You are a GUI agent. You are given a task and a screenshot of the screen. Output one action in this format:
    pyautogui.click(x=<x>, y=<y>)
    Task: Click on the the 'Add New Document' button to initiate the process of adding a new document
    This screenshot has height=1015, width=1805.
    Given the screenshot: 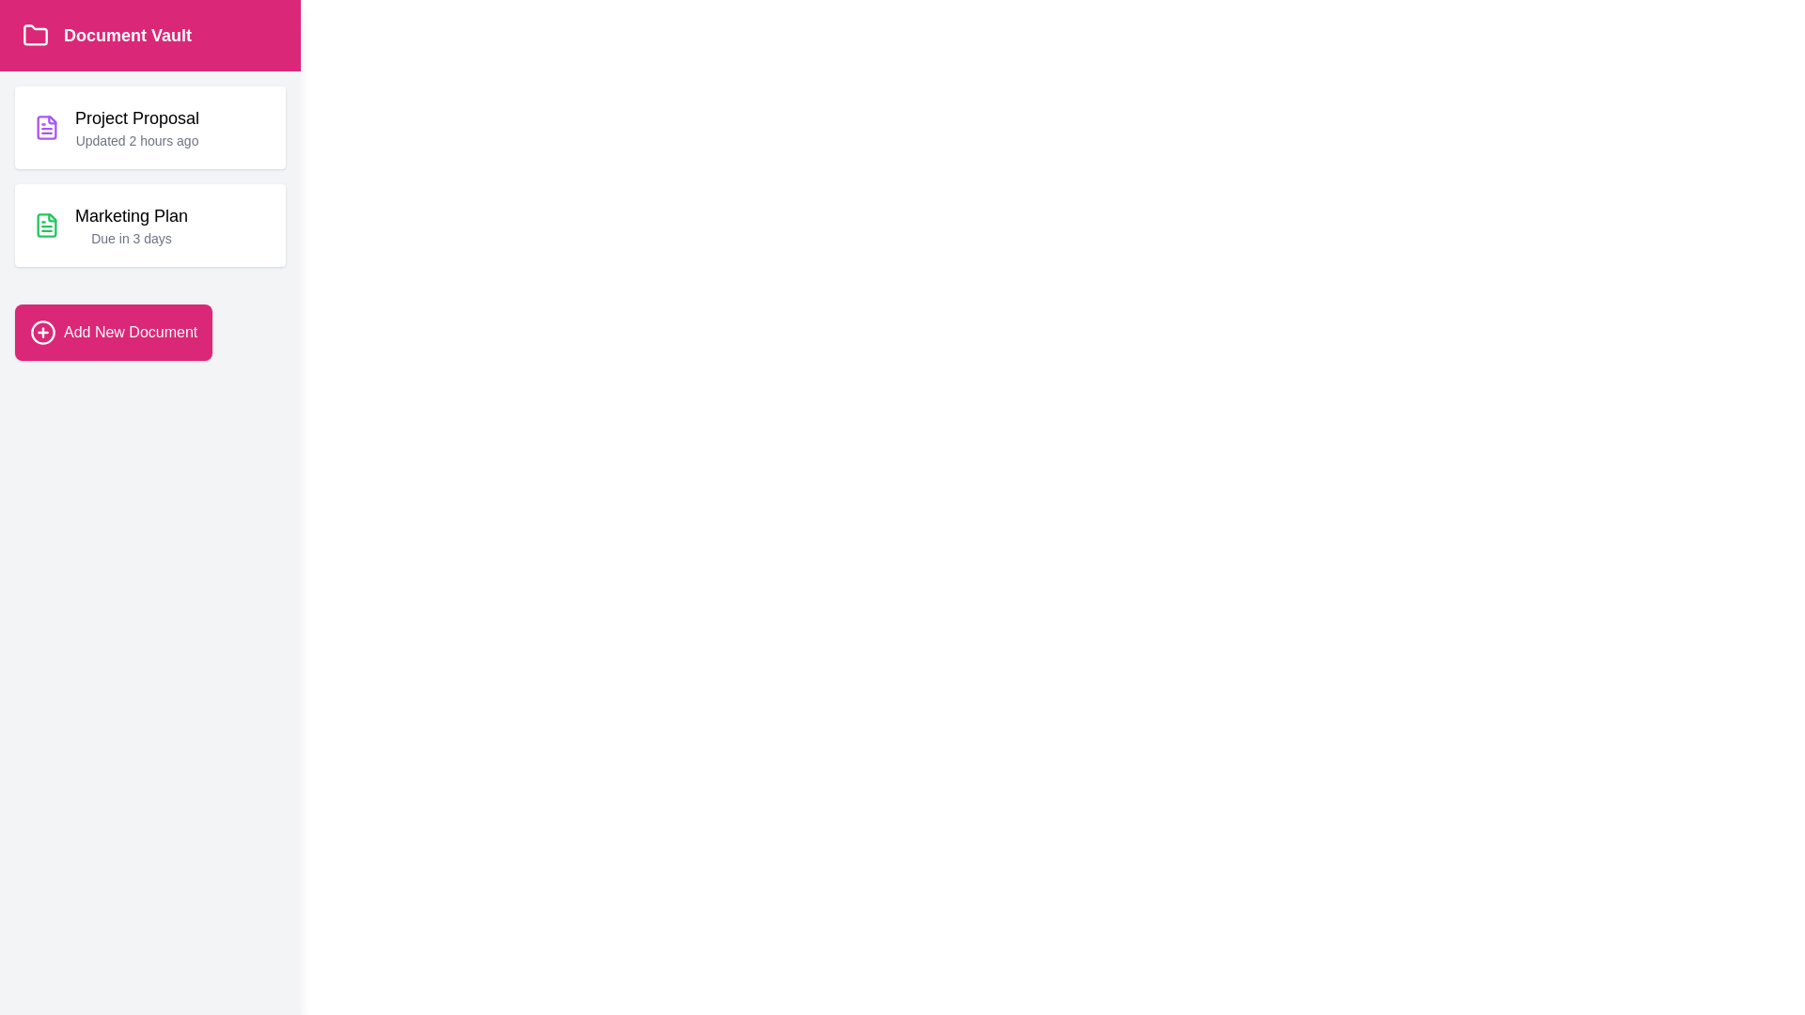 What is the action you would take?
    pyautogui.click(x=112, y=332)
    